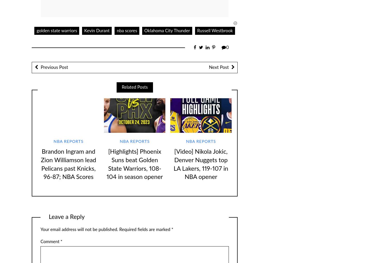 This screenshot has width=387, height=263. What do you see at coordinates (201, 165) in the screenshot?
I see `'[Video] Nikola Jokic, Denver Nuggets top LA Lakers, 119-107 in NBA opener'` at bounding box center [201, 165].